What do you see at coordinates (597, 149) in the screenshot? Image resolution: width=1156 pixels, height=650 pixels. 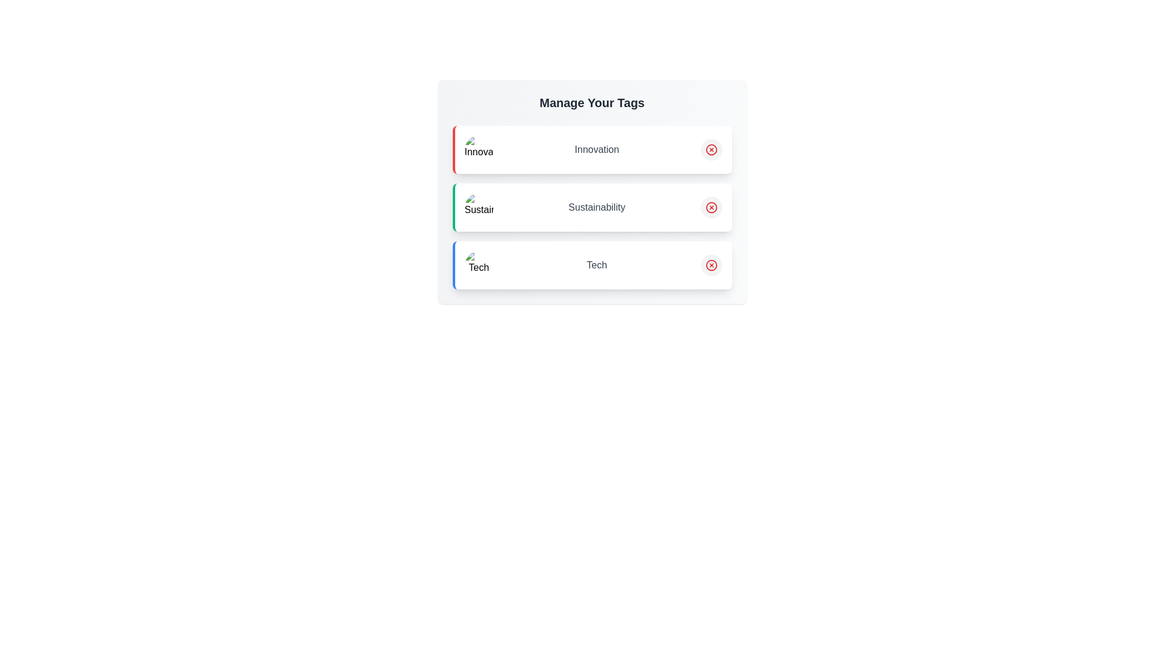 I see `the text of the tag labeled 'Innovation' to initiate editing` at bounding box center [597, 149].